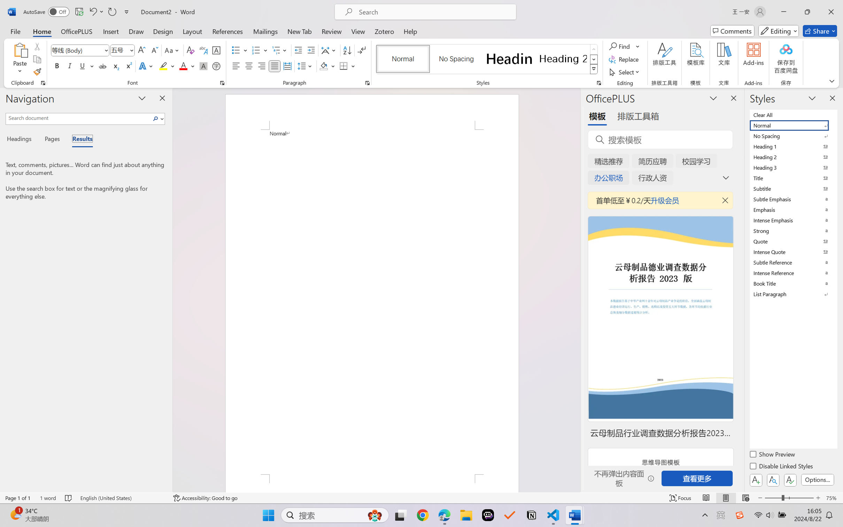 The width and height of the screenshot is (843, 527). Describe the element at coordinates (344, 66) in the screenshot. I see `'Borders'` at that location.